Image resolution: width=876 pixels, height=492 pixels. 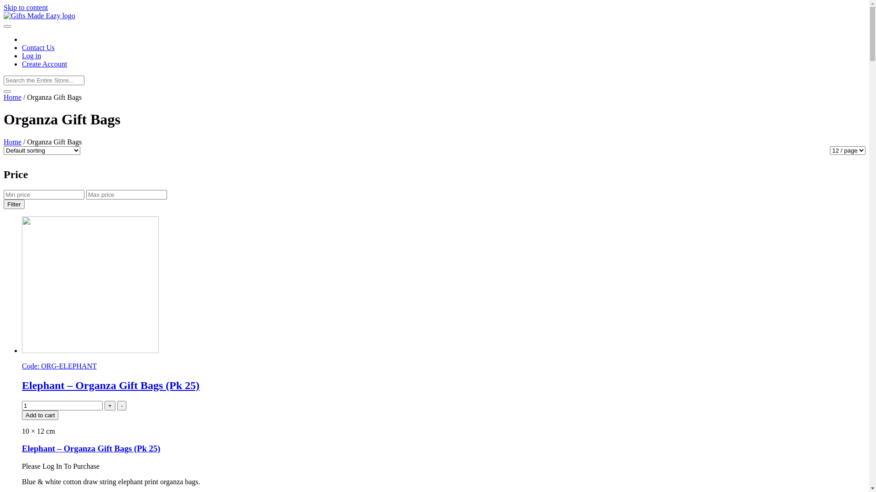 What do you see at coordinates (44, 63) in the screenshot?
I see `'Create Account'` at bounding box center [44, 63].